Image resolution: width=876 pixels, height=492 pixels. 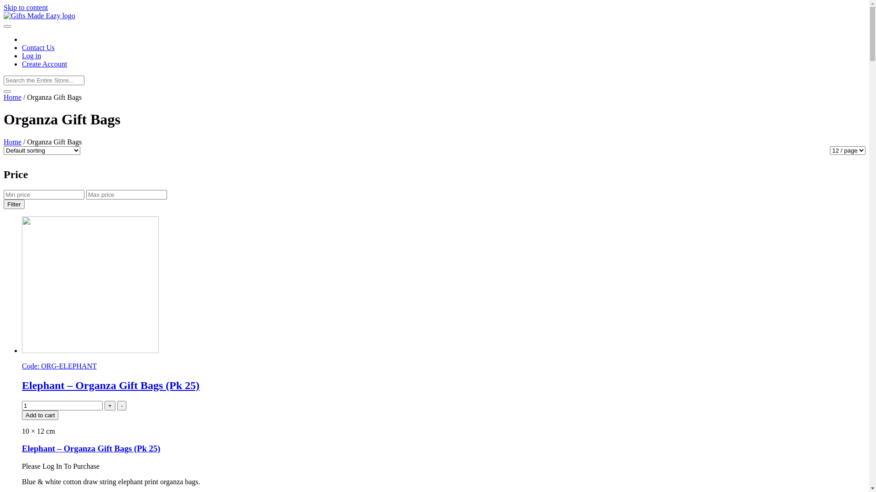 What do you see at coordinates (44, 63) in the screenshot?
I see `'Create Account'` at bounding box center [44, 63].